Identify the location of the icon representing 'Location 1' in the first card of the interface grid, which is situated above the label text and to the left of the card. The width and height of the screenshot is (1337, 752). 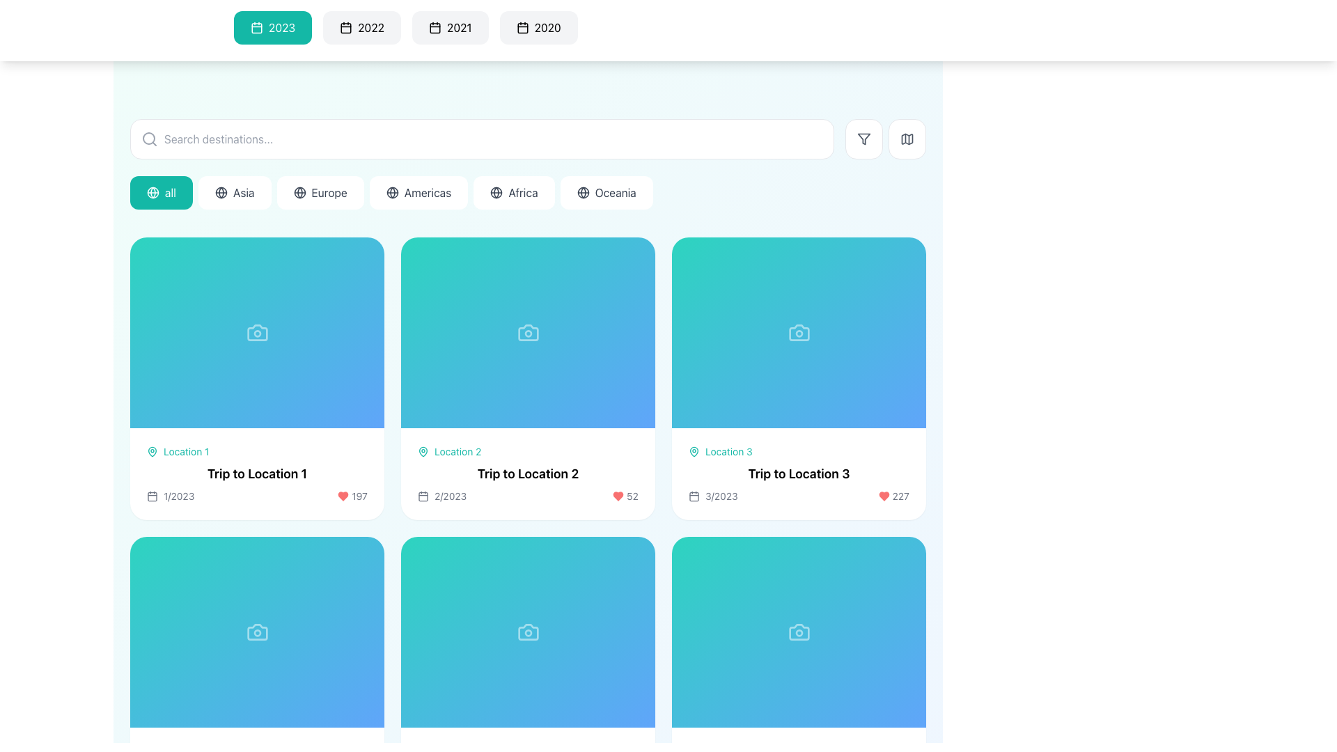
(153, 451).